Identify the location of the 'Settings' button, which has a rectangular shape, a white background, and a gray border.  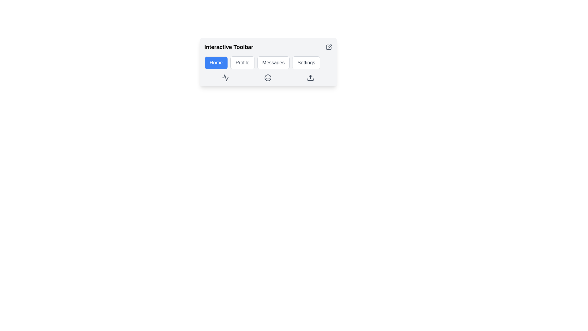
(306, 63).